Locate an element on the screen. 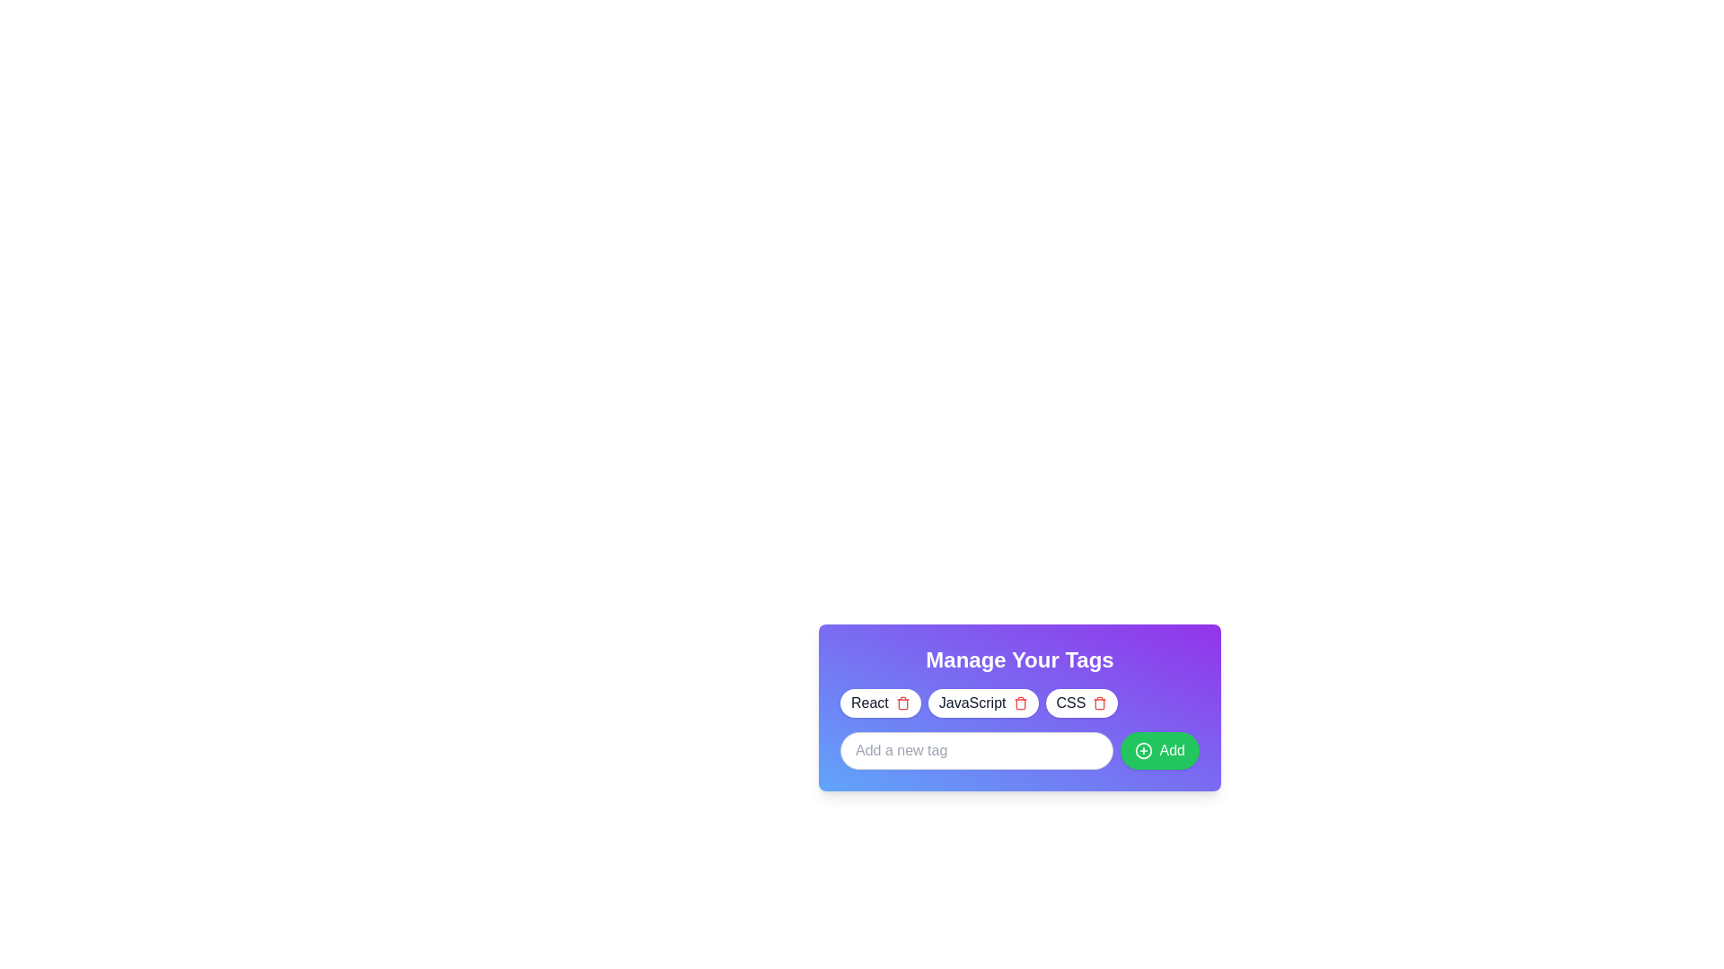  the trash can icon element, which represents a delete action in the interface is located at coordinates (1020, 703).